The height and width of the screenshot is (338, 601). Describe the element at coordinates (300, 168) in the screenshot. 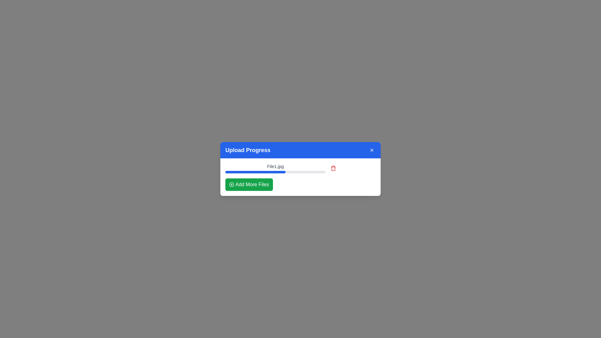

I see `the progress status of the upload represented by the blue-filled segment of the progress bar for 'File1.jpg', located below the 'Upload Progress' header` at that location.